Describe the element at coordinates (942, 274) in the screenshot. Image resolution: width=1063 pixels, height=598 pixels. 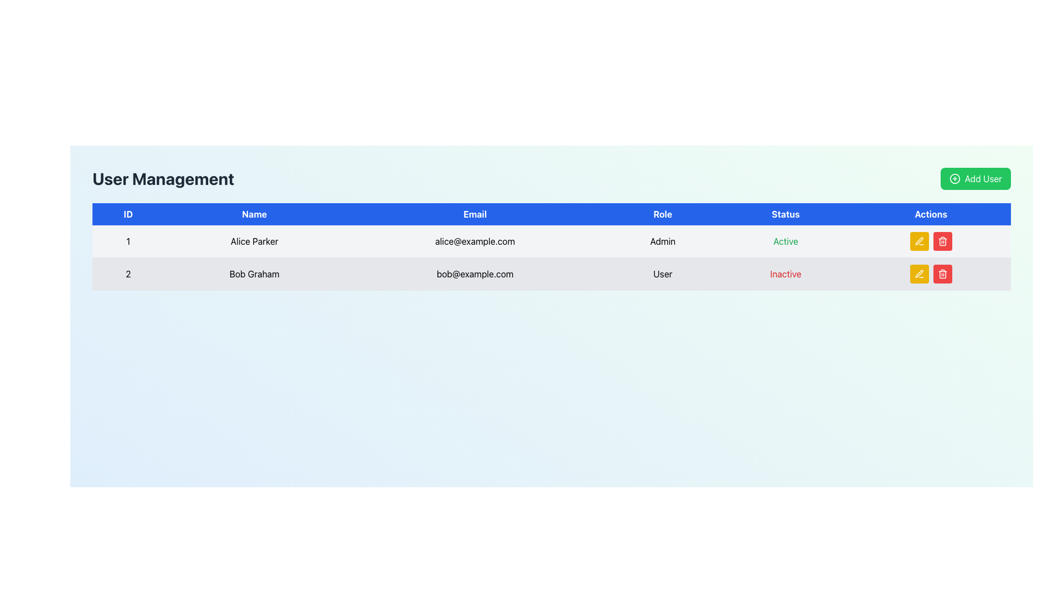
I see `the delete button located at the far right of the row under the 'Actions' column for the user 'Bob Graham'` at that location.